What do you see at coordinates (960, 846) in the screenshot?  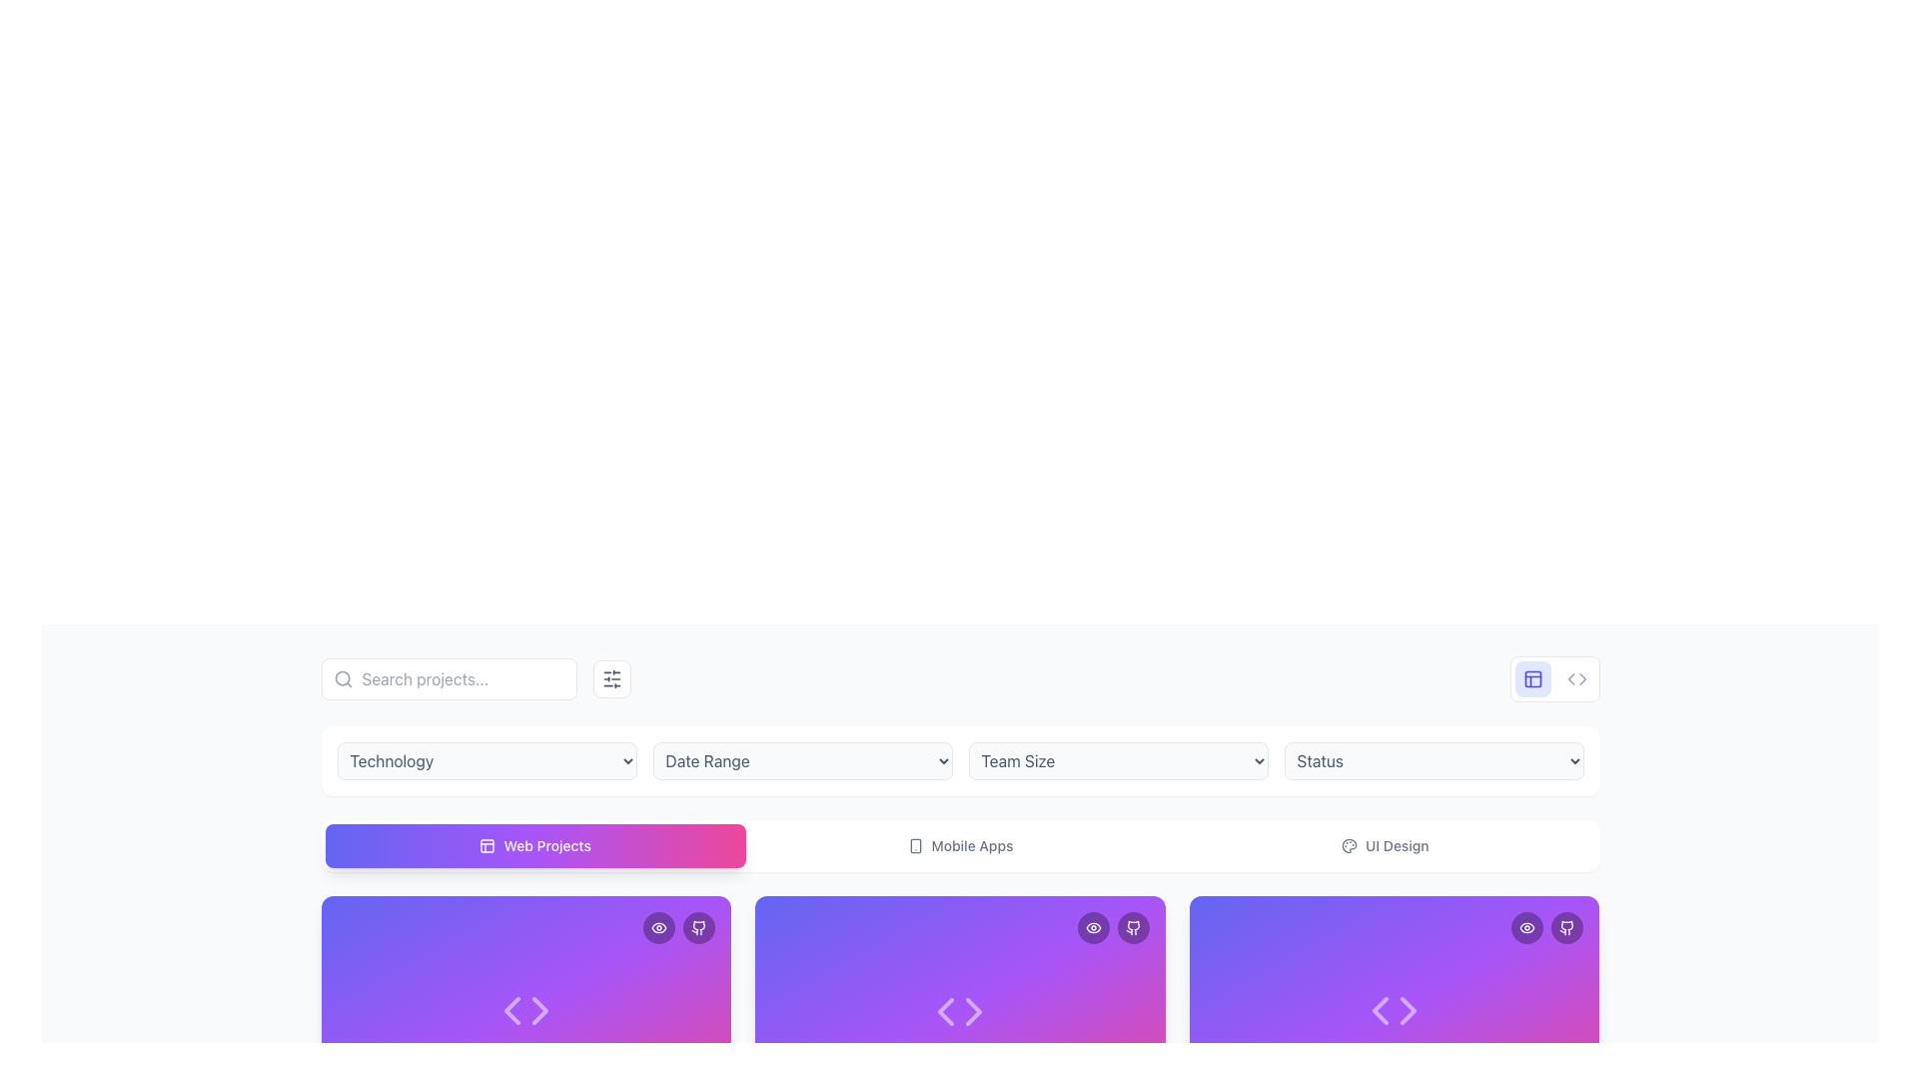 I see `the Interactive selector bar` at bounding box center [960, 846].